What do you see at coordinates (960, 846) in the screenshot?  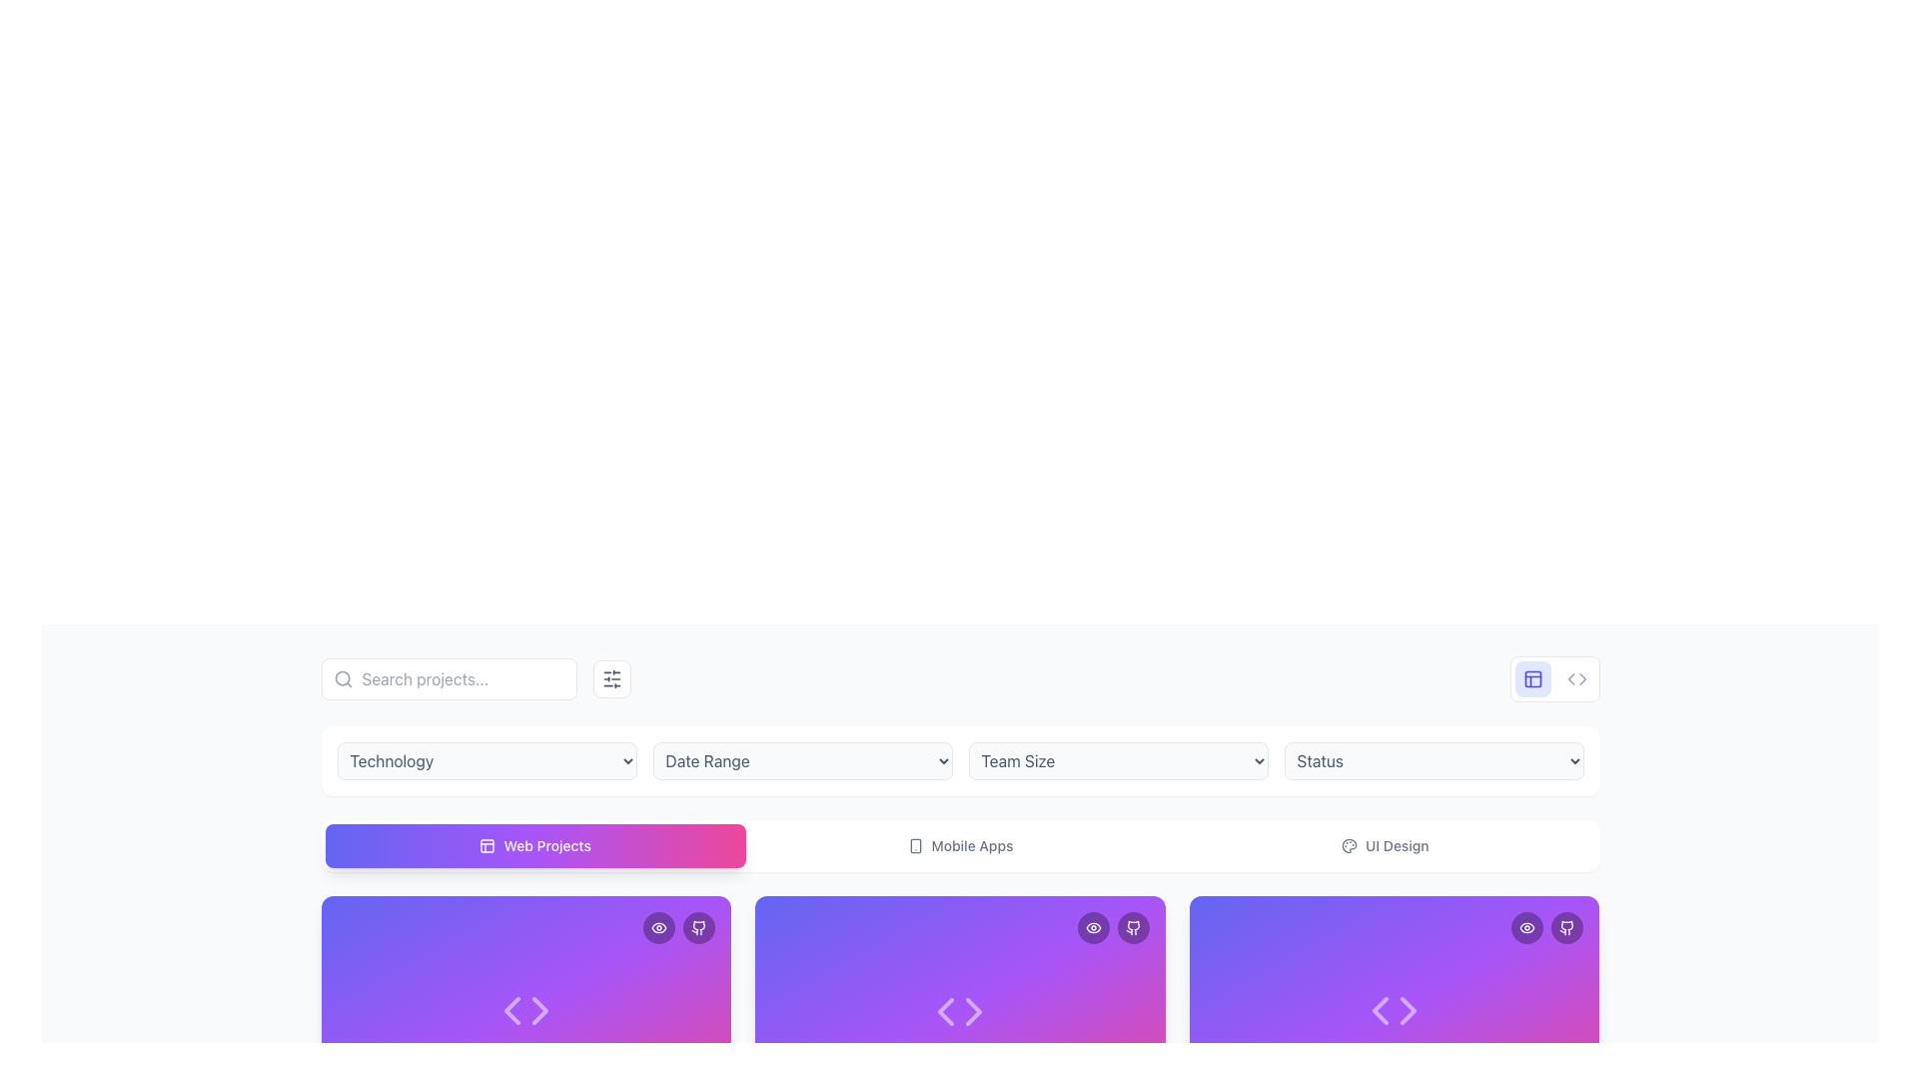 I see `the Interactive selector bar` at bounding box center [960, 846].